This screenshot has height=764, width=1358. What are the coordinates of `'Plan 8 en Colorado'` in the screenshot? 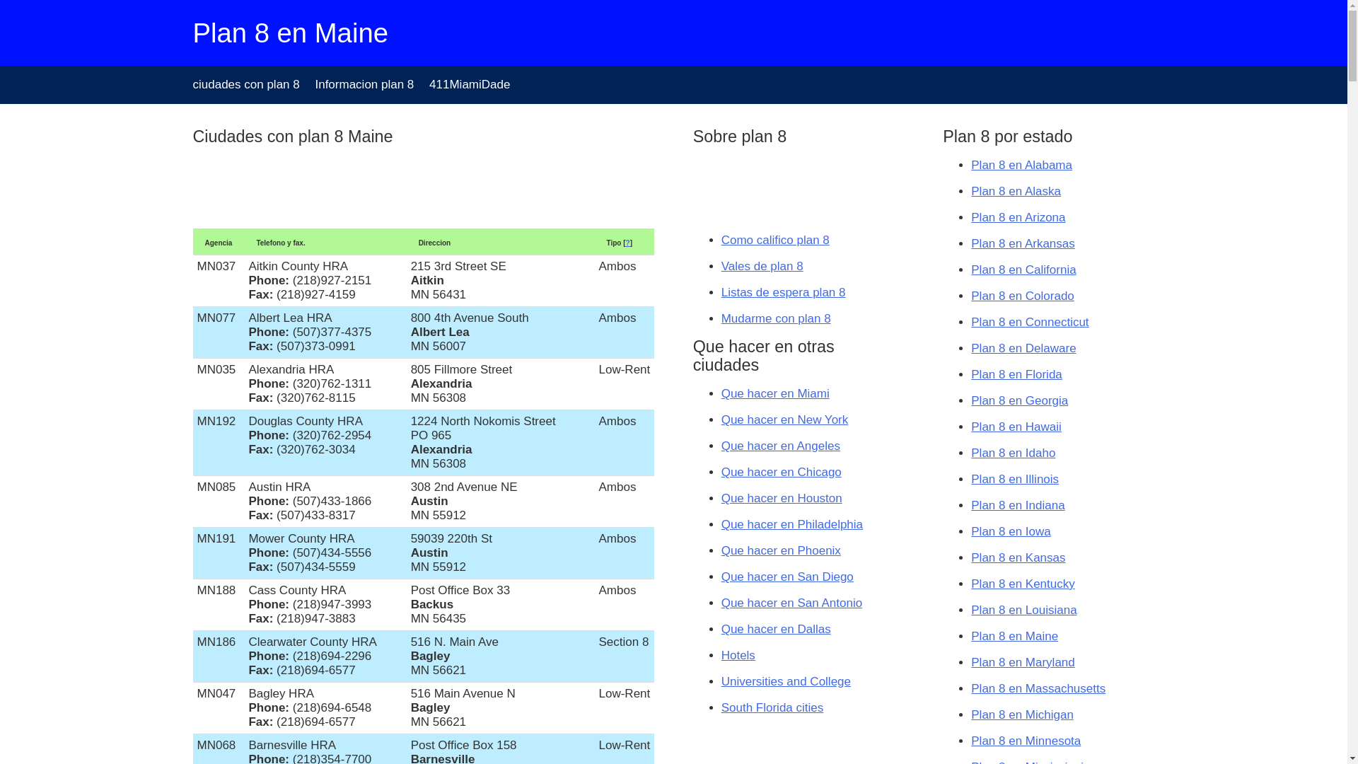 It's located at (1022, 295).